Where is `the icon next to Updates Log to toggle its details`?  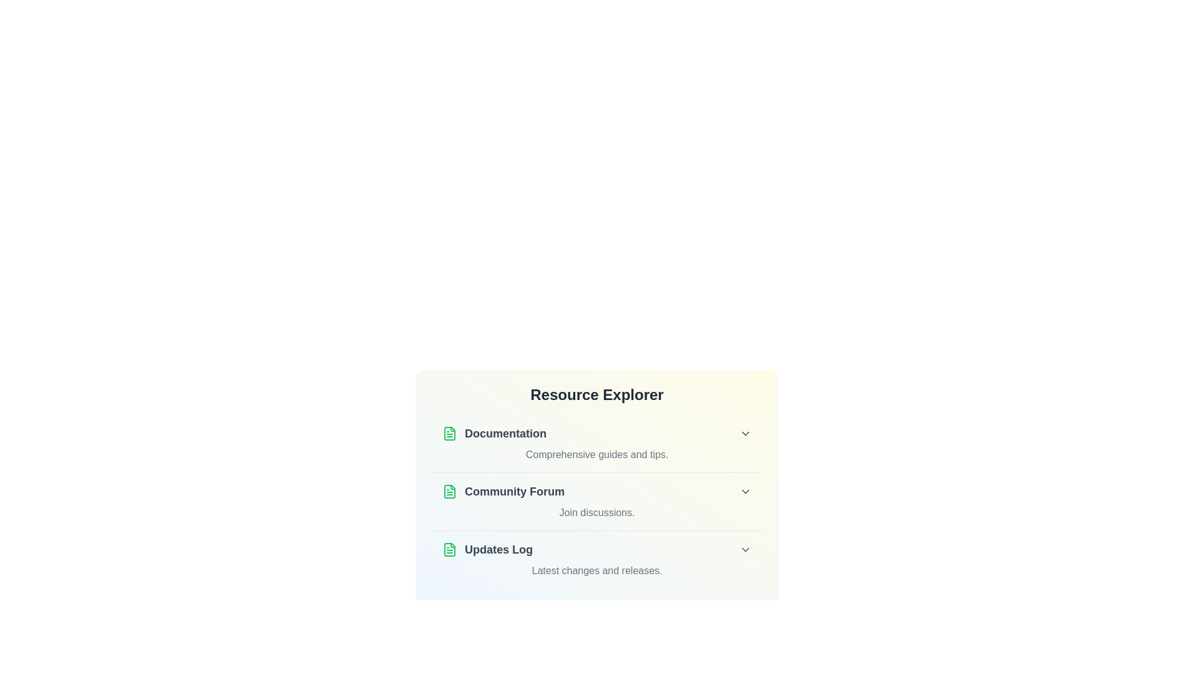 the icon next to Updates Log to toggle its details is located at coordinates (449, 549).